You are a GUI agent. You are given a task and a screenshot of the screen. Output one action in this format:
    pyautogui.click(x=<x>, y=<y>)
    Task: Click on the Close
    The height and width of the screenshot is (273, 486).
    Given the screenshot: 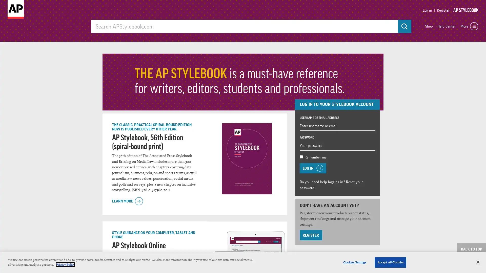 What is the action you would take?
    pyautogui.click(x=477, y=262)
    